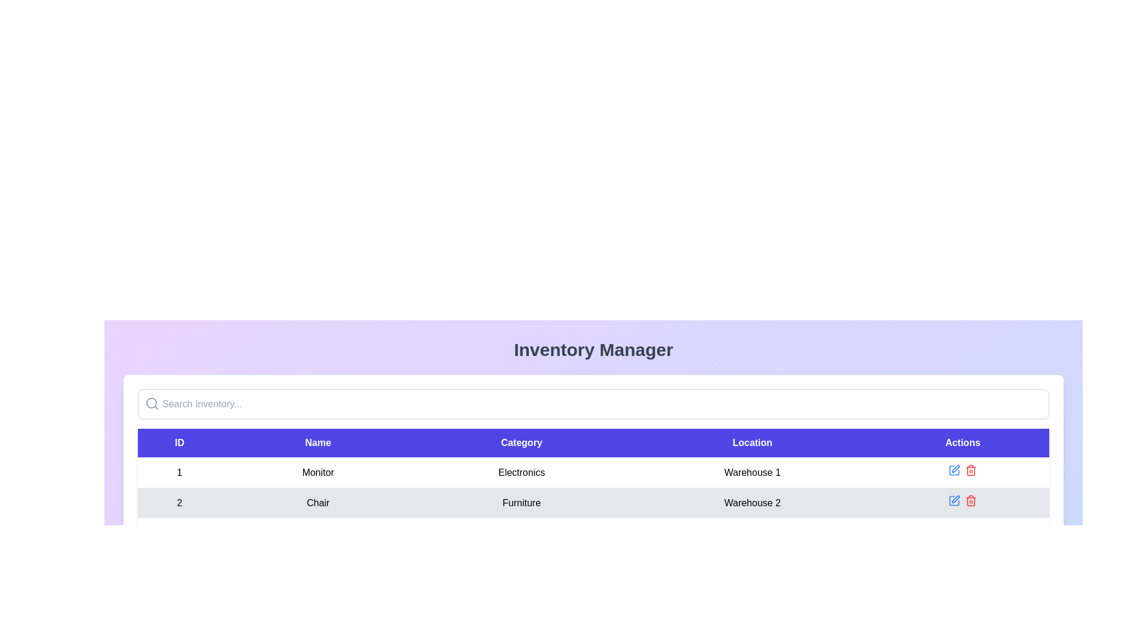  Describe the element at coordinates (971, 501) in the screenshot. I see `the trash bin icon in the 'Actions' column of the item listing table, which features a minimalist curved shape with rounded corners` at that location.